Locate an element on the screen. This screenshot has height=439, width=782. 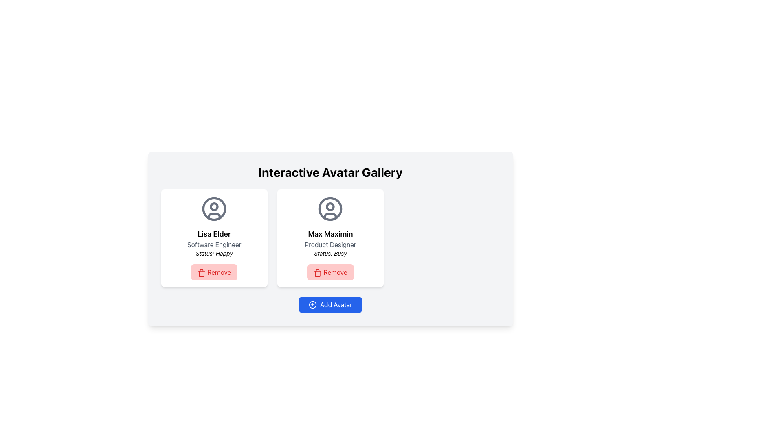
the graphical component within the avatar icon in the left user card titled 'Lisa Elder' is located at coordinates (214, 206).